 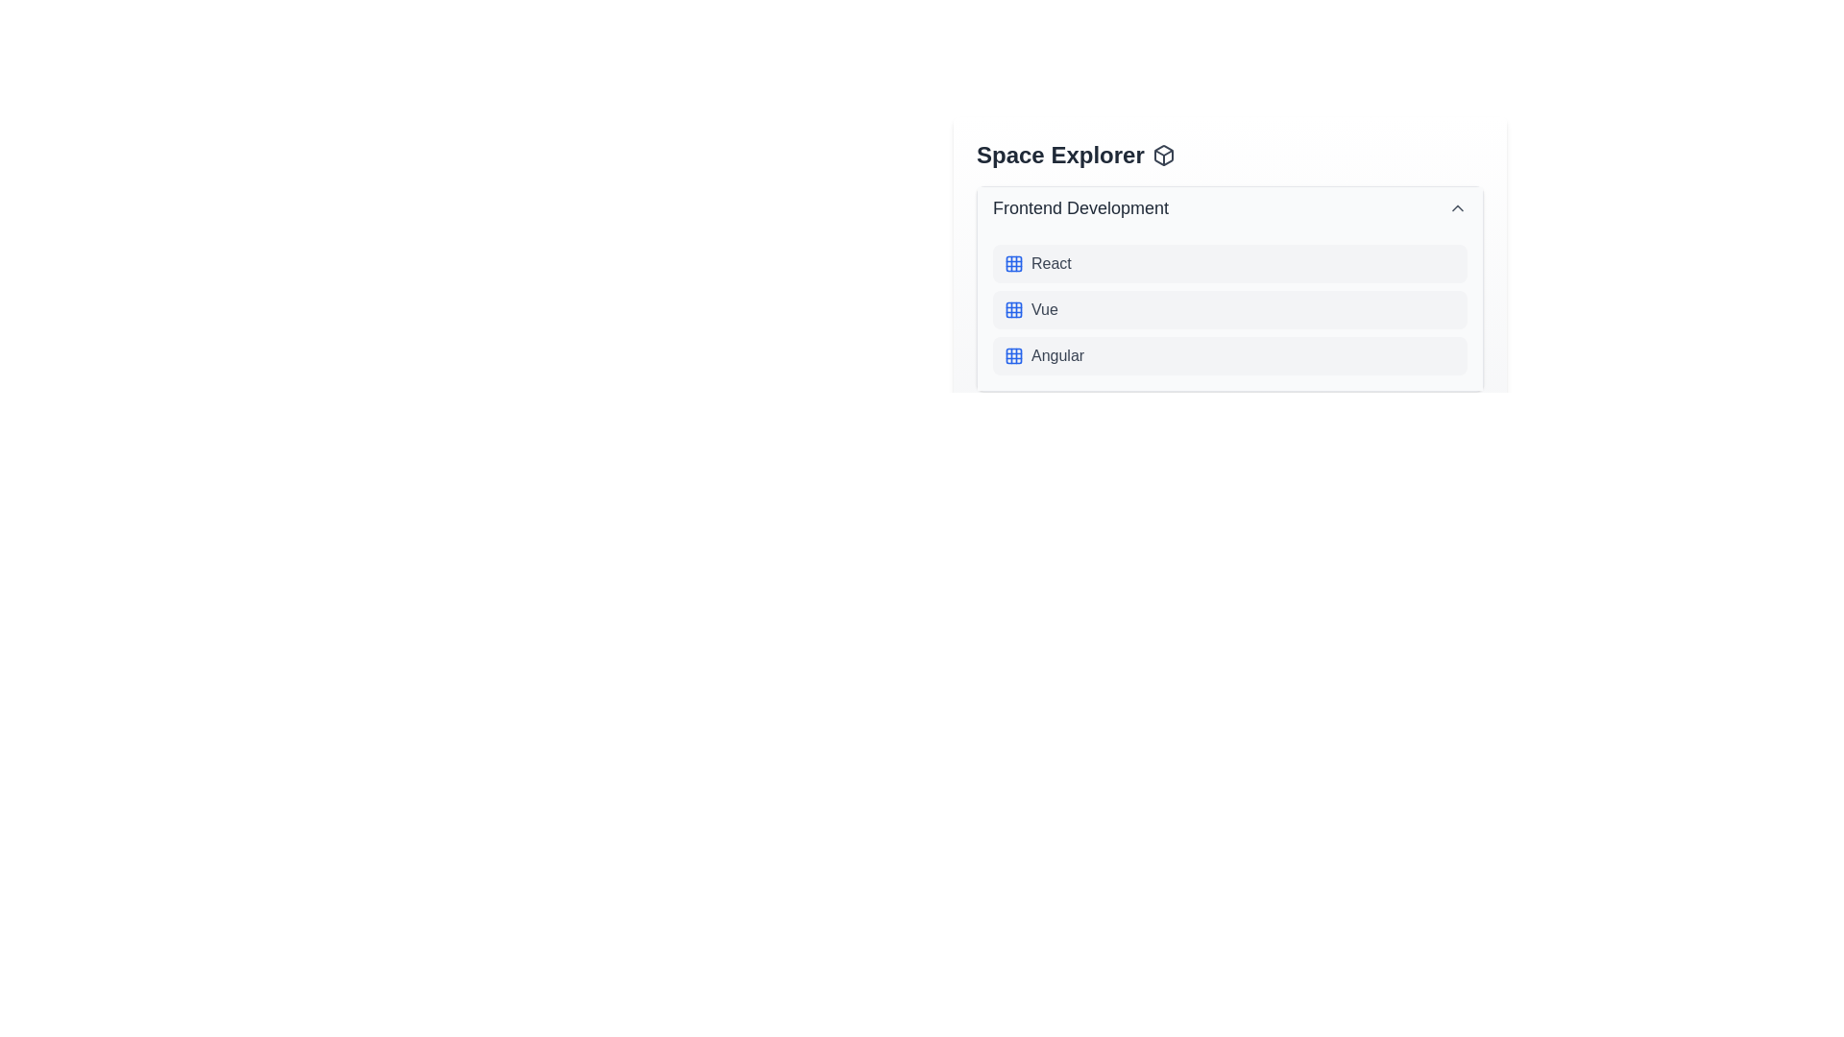 What do you see at coordinates (1230, 309) in the screenshot?
I see `the second button in the 'Frontend Development' section, which is related to the 'Vue' framework, to receive additional details or effects` at bounding box center [1230, 309].